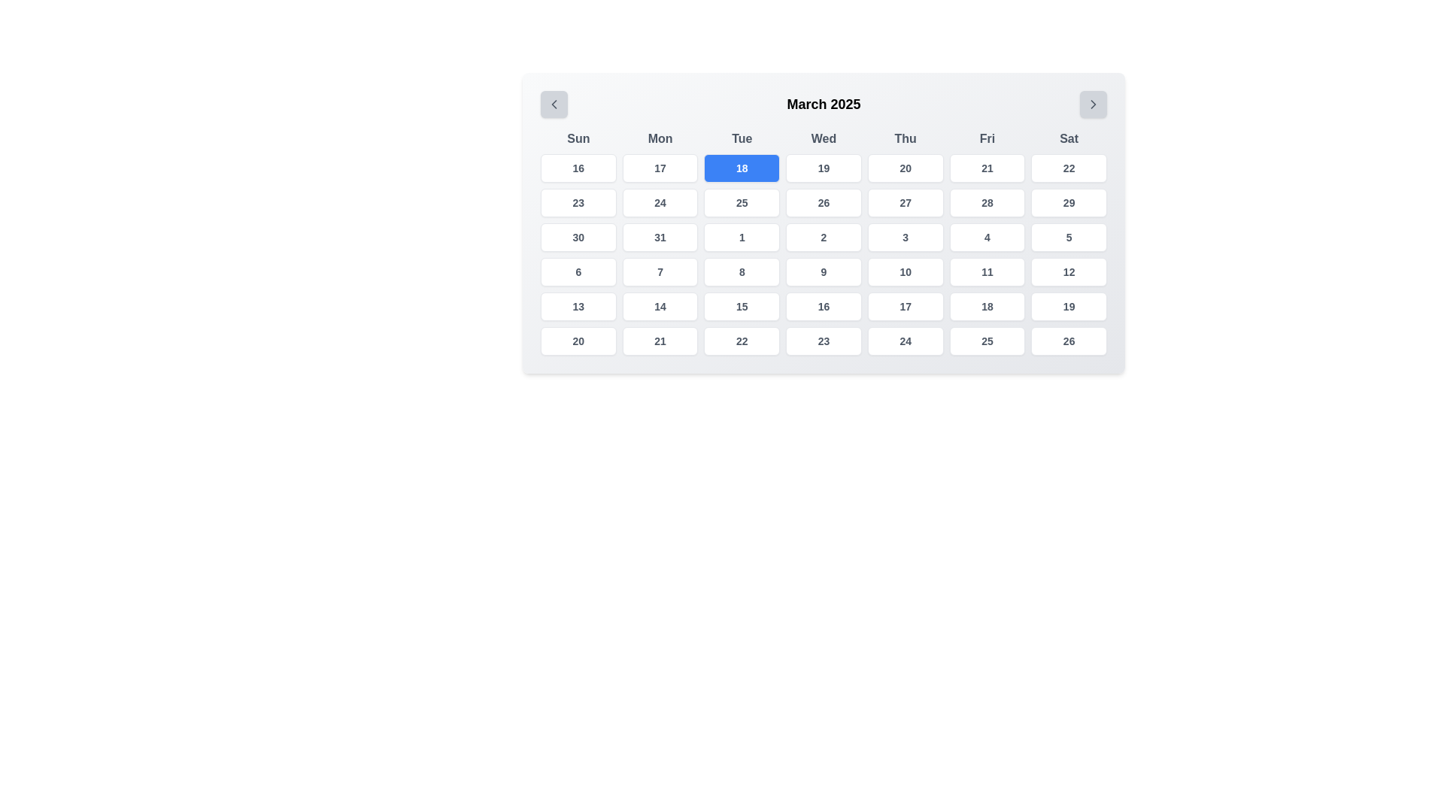 Image resolution: width=1444 pixels, height=812 pixels. What do you see at coordinates (823, 237) in the screenshot?
I see `the button labeled '2' in the calendar grid, located in the fifth row and fourth column` at bounding box center [823, 237].